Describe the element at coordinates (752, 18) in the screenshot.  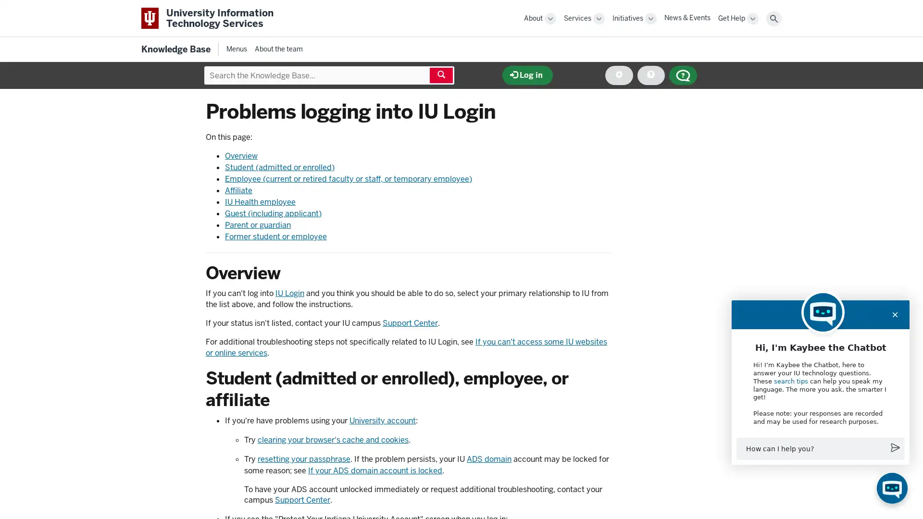
I see `Toggle Get Help navigation` at that location.